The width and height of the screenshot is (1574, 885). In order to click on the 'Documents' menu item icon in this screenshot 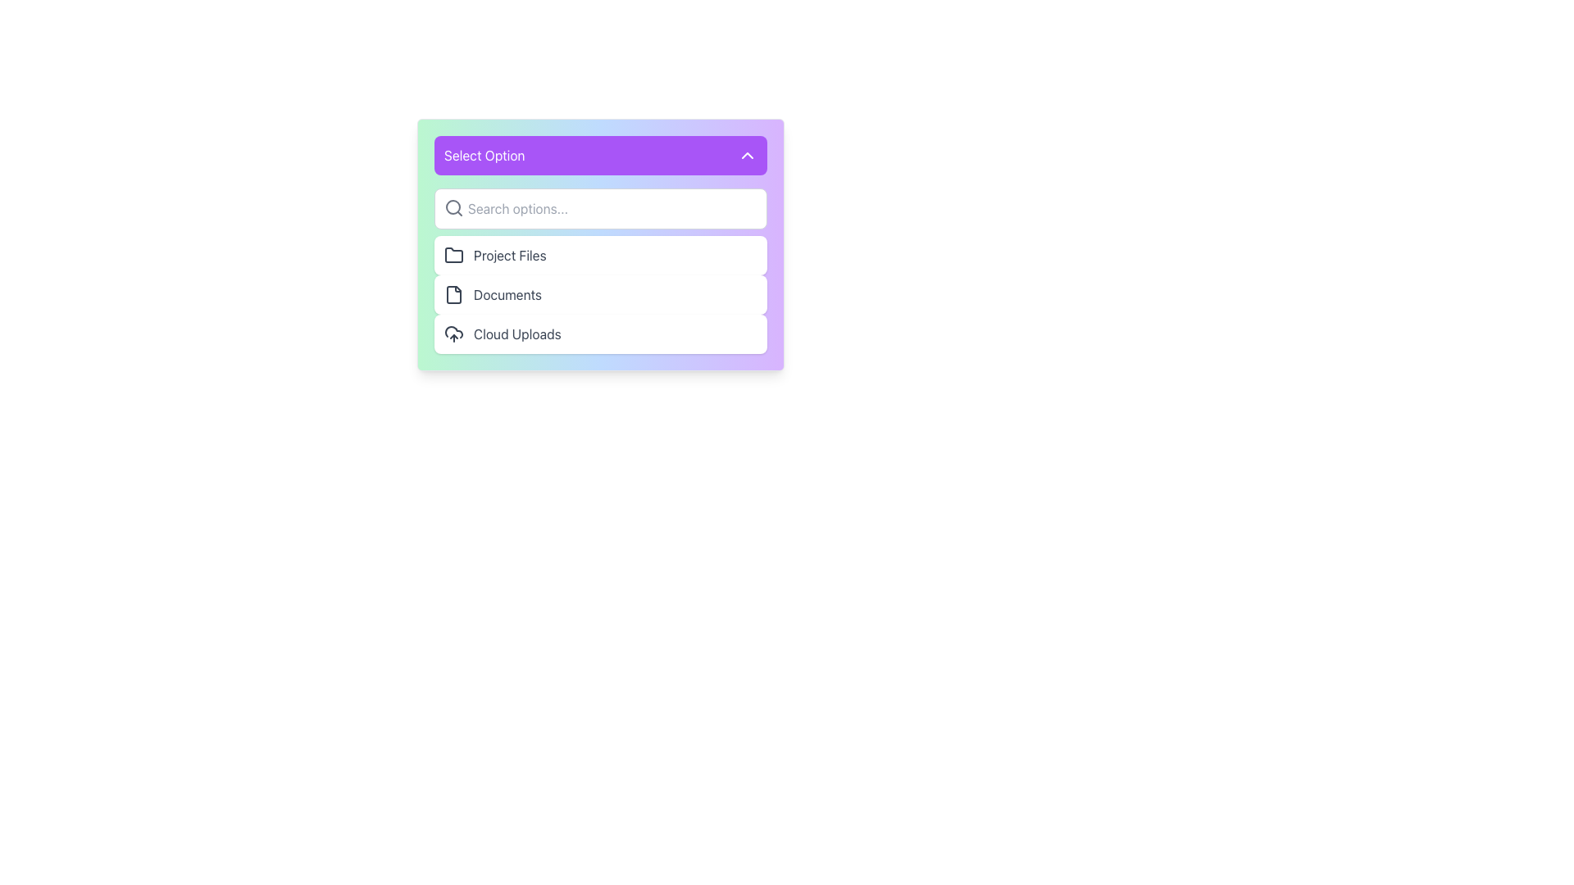, I will do `click(453, 293)`.